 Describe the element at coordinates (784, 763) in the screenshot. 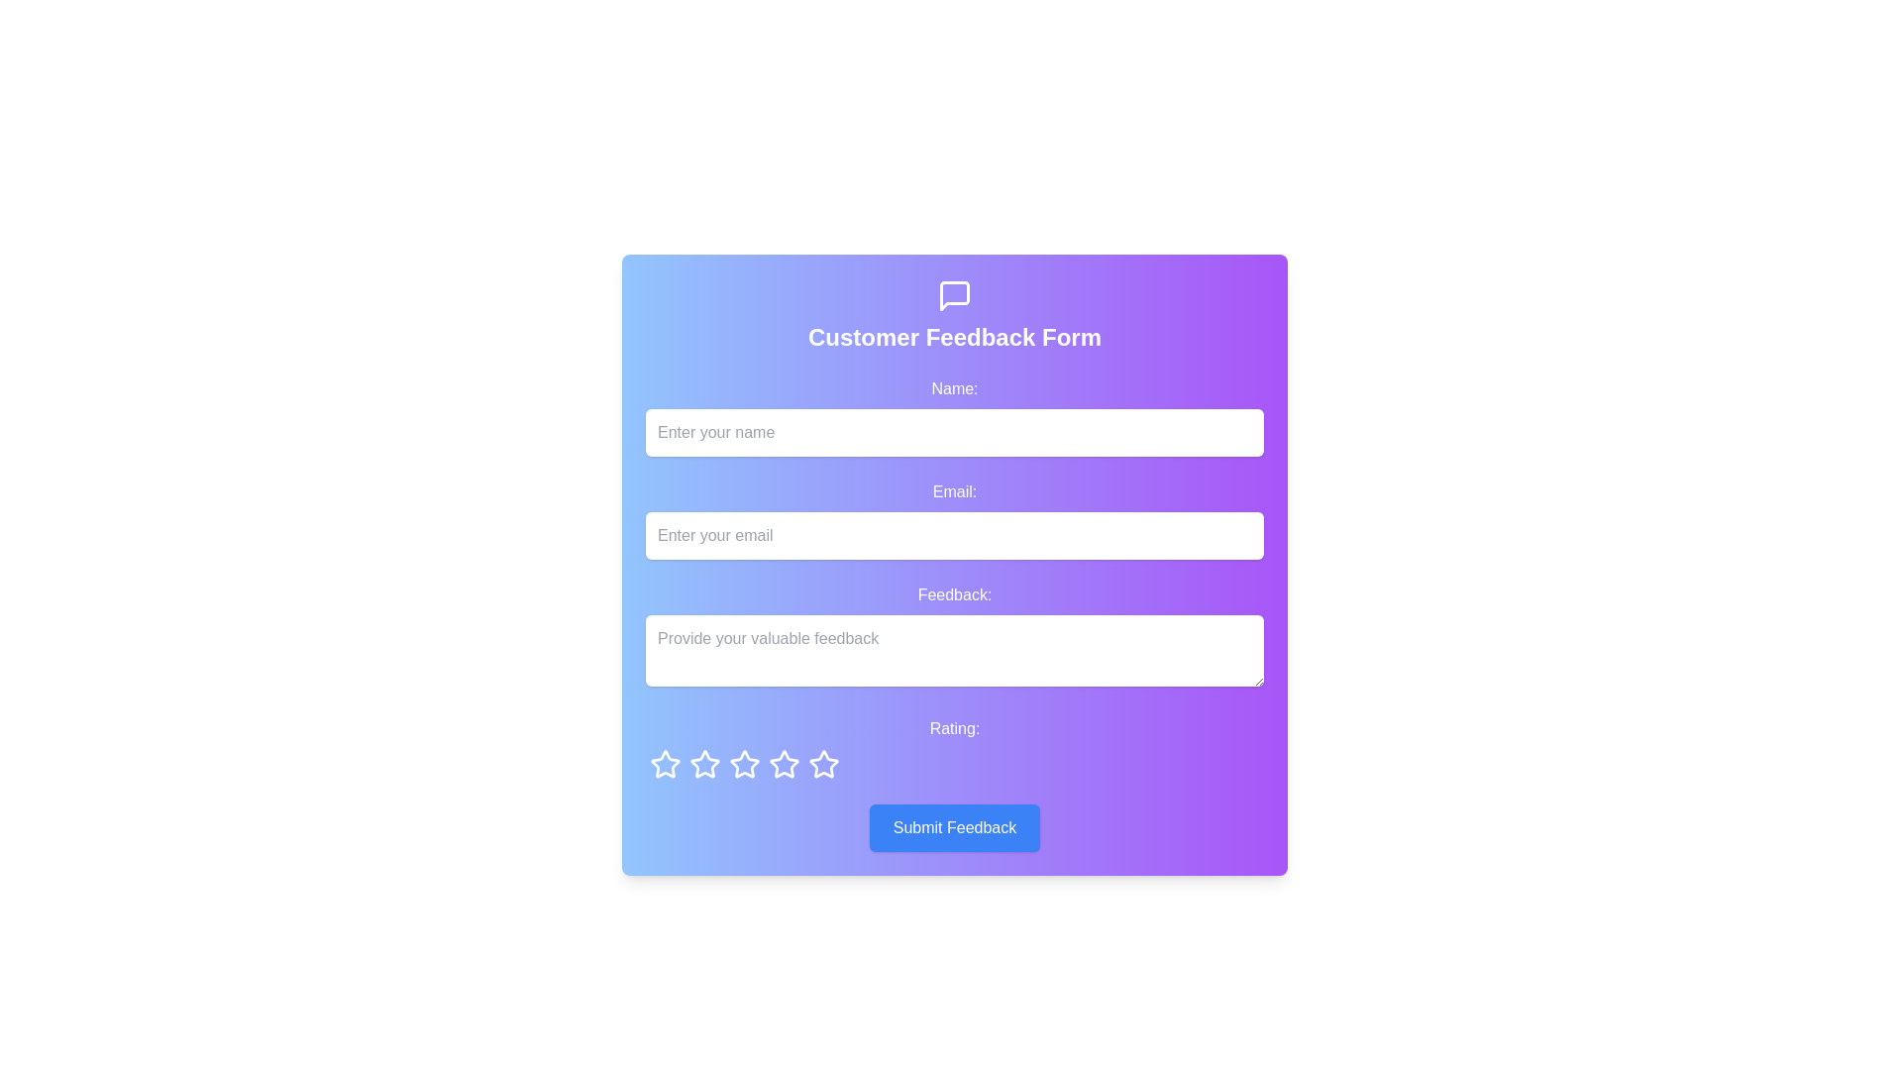

I see `the fourth star icon in the rating section` at that location.